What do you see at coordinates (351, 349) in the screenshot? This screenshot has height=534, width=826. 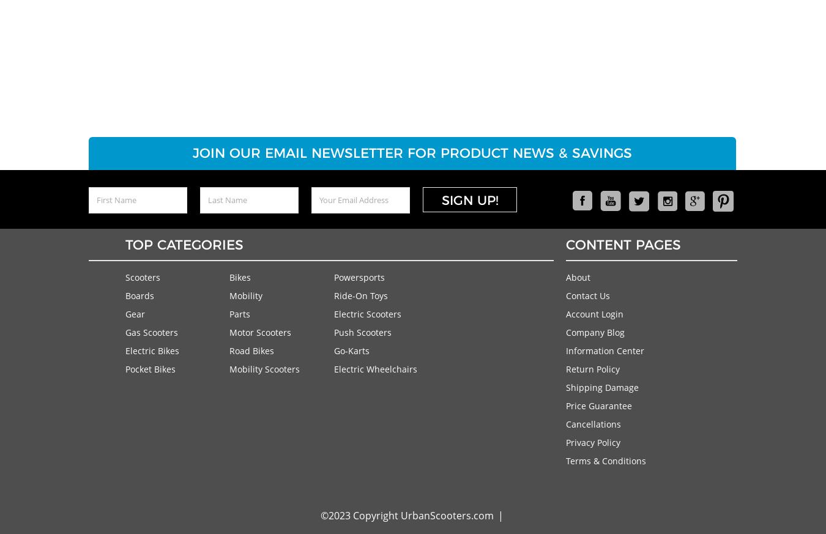 I see `'Go-Karts'` at bounding box center [351, 349].